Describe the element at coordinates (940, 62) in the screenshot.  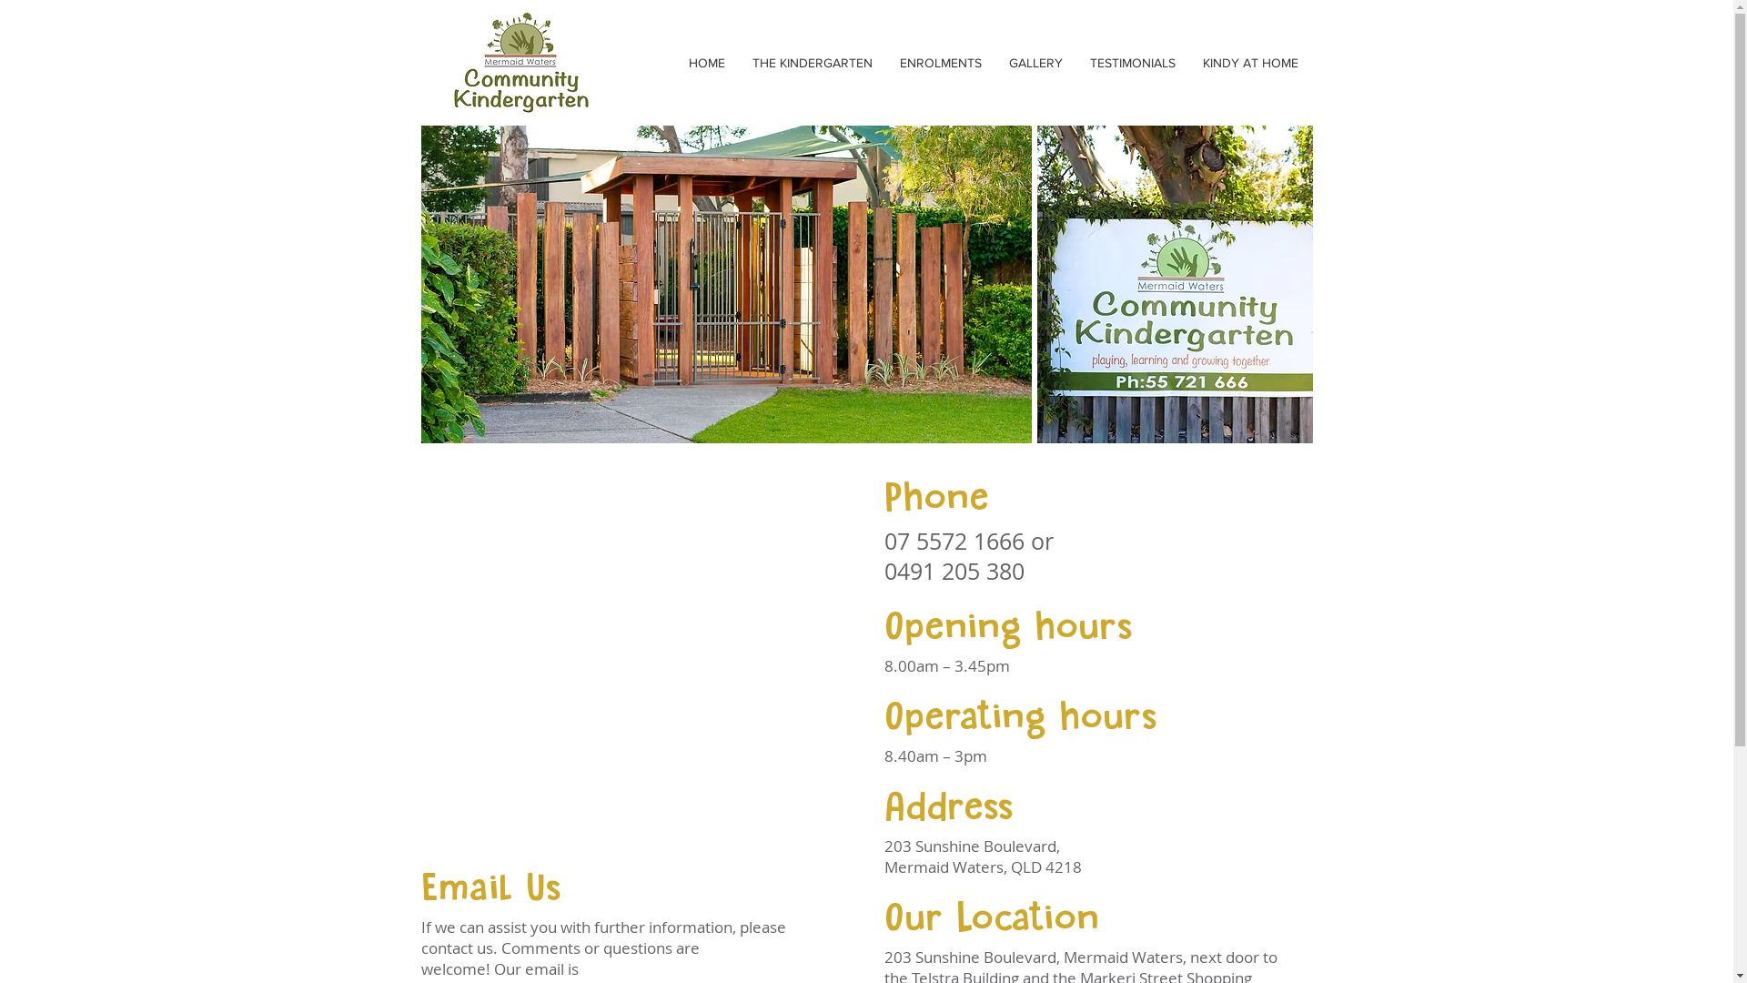
I see `'ENROLMENTS'` at that location.